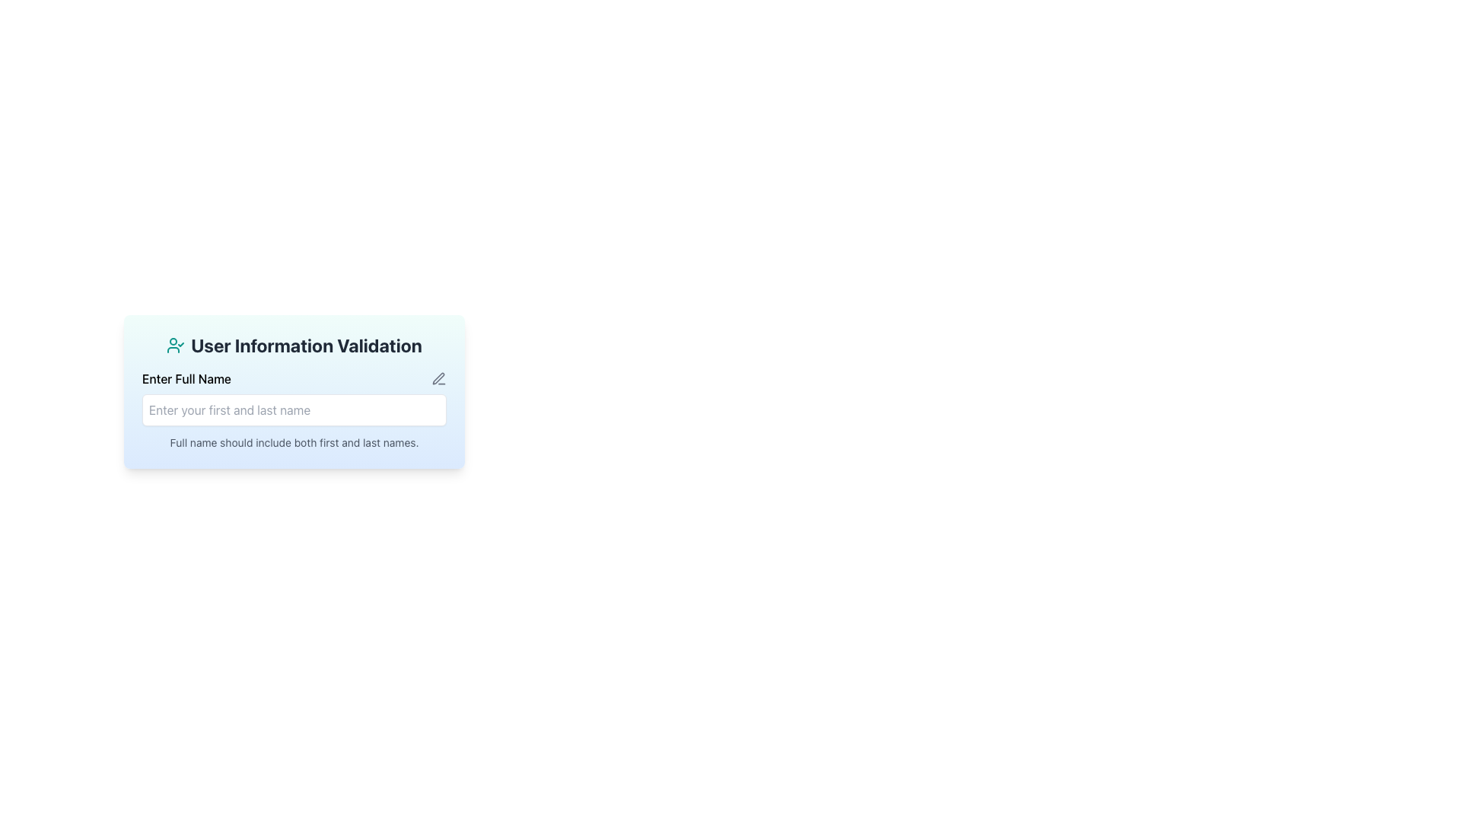 Image resolution: width=1461 pixels, height=822 pixels. Describe the element at coordinates (438, 378) in the screenshot. I see `the gray stylized icon depicting a diagonal pen-like line with a filled circle, located near the input field labeled 'Enter Full Name', to retrieve error details` at that location.